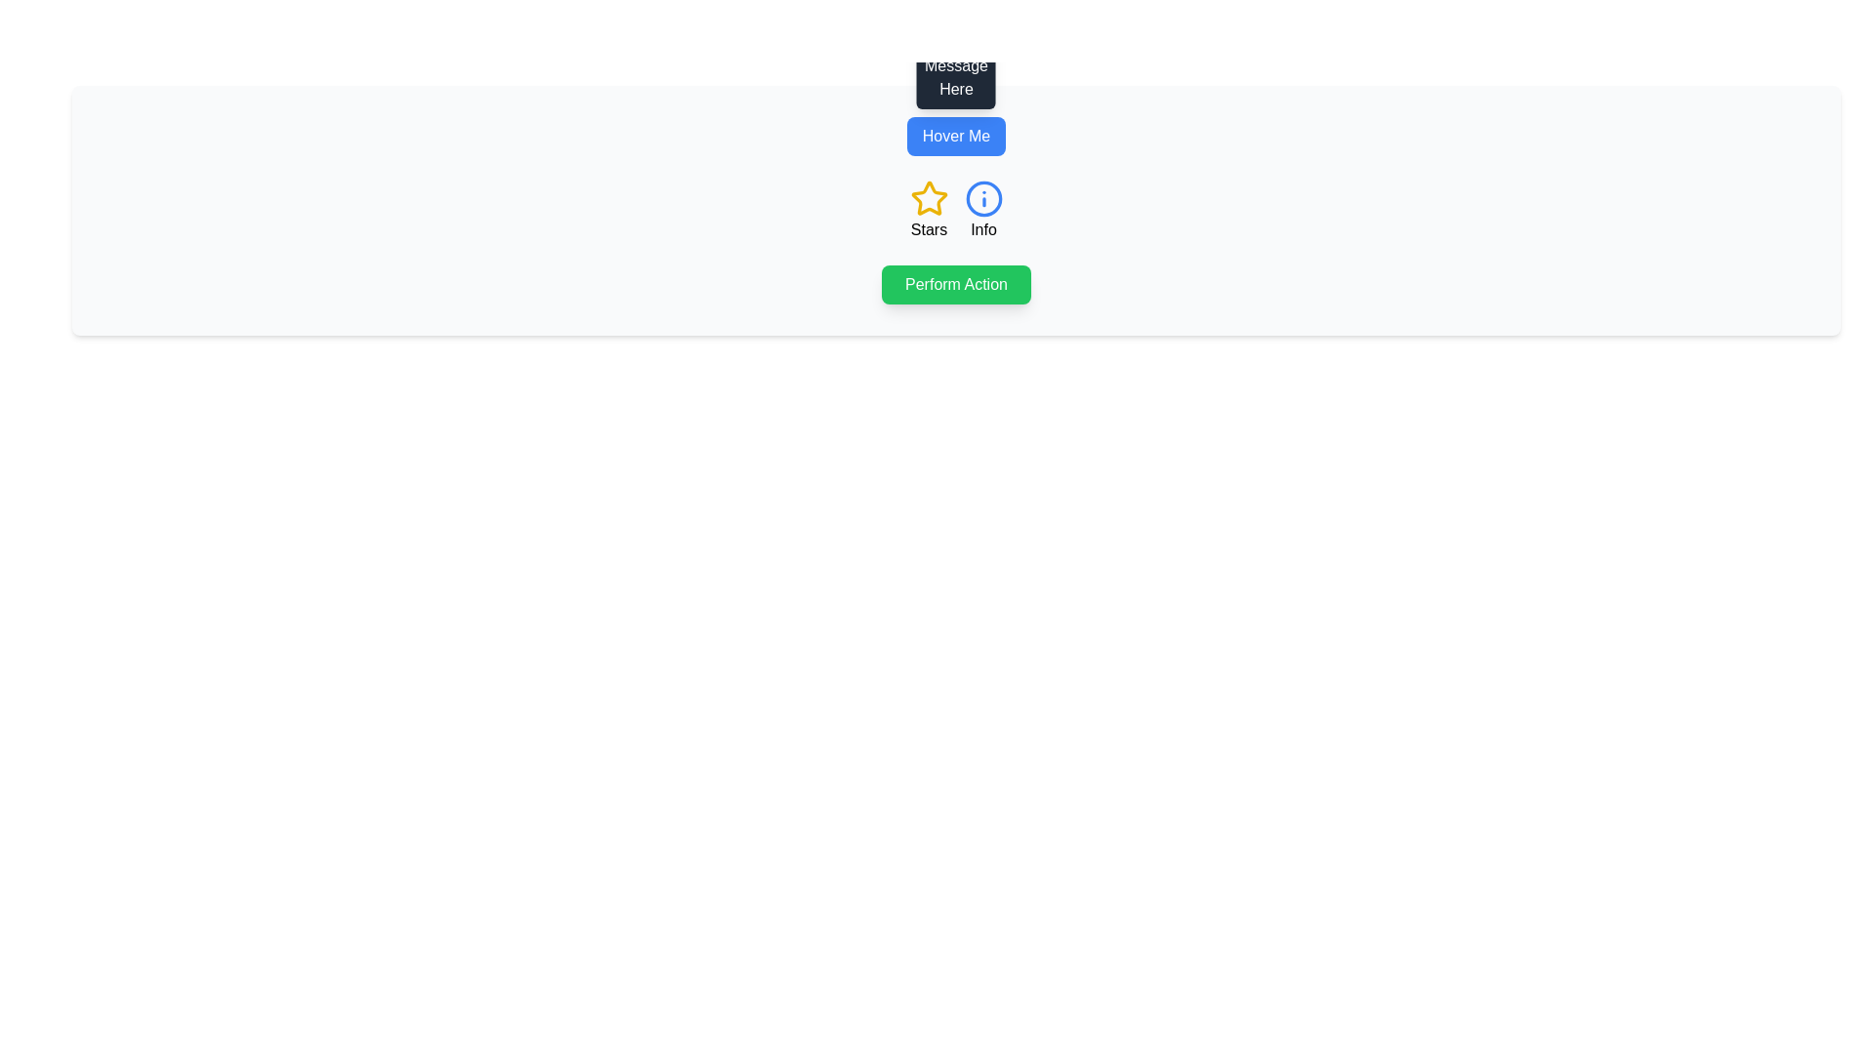 The height and width of the screenshot is (1054, 1875). Describe the element at coordinates (983, 228) in the screenshot. I see `the static text label containing the word 'Info' located below the blue circled icon with the letter 'i'` at that location.